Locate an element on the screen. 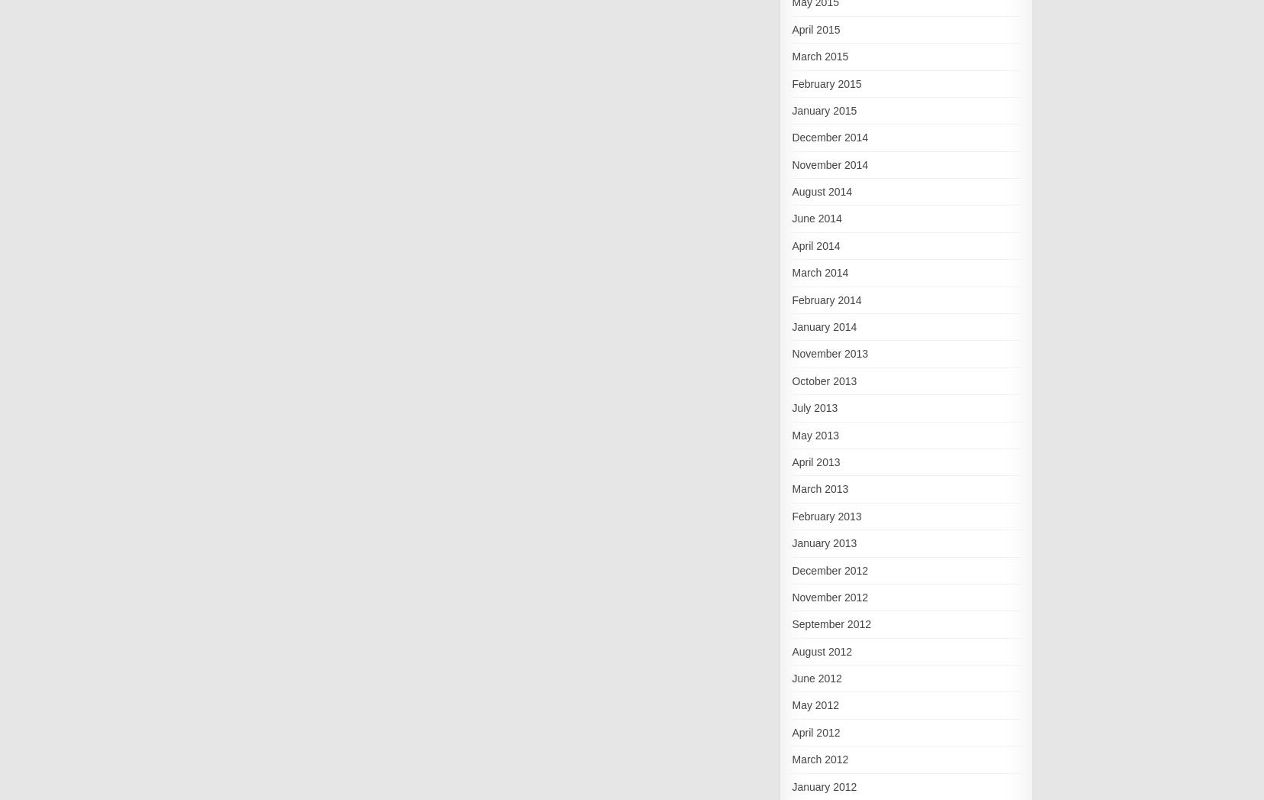 The height and width of the screenshot is (800, 1264). 'January 2014' is located at coordinates (823, 326).